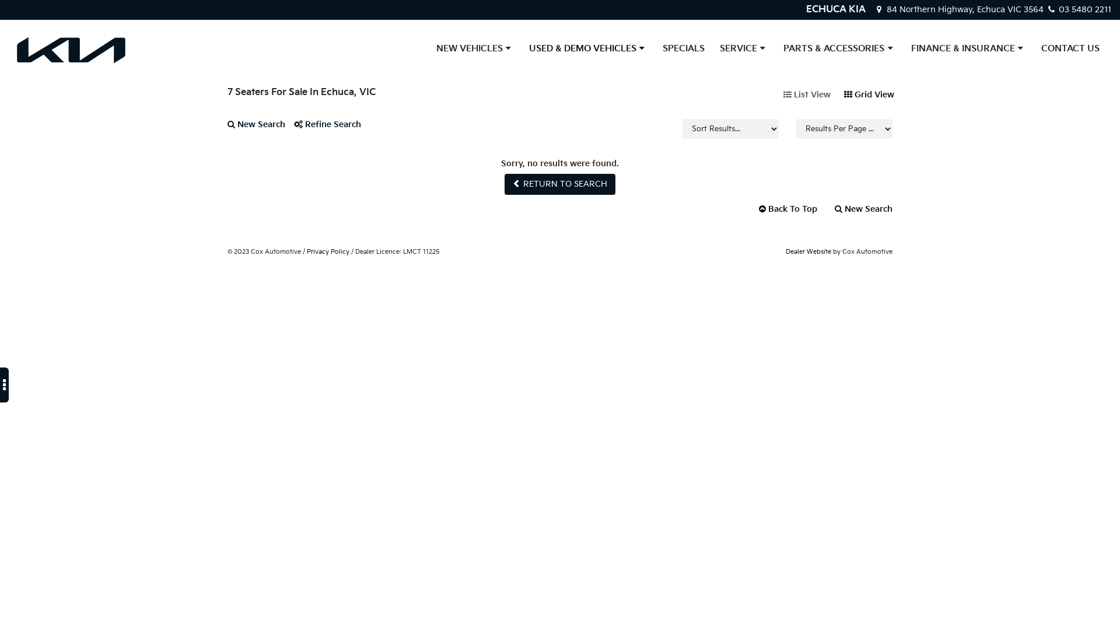 The width and height of the screenshot is (1120, 630). I want to click on 'RETURN TO SEARCH', so click(560, 184).